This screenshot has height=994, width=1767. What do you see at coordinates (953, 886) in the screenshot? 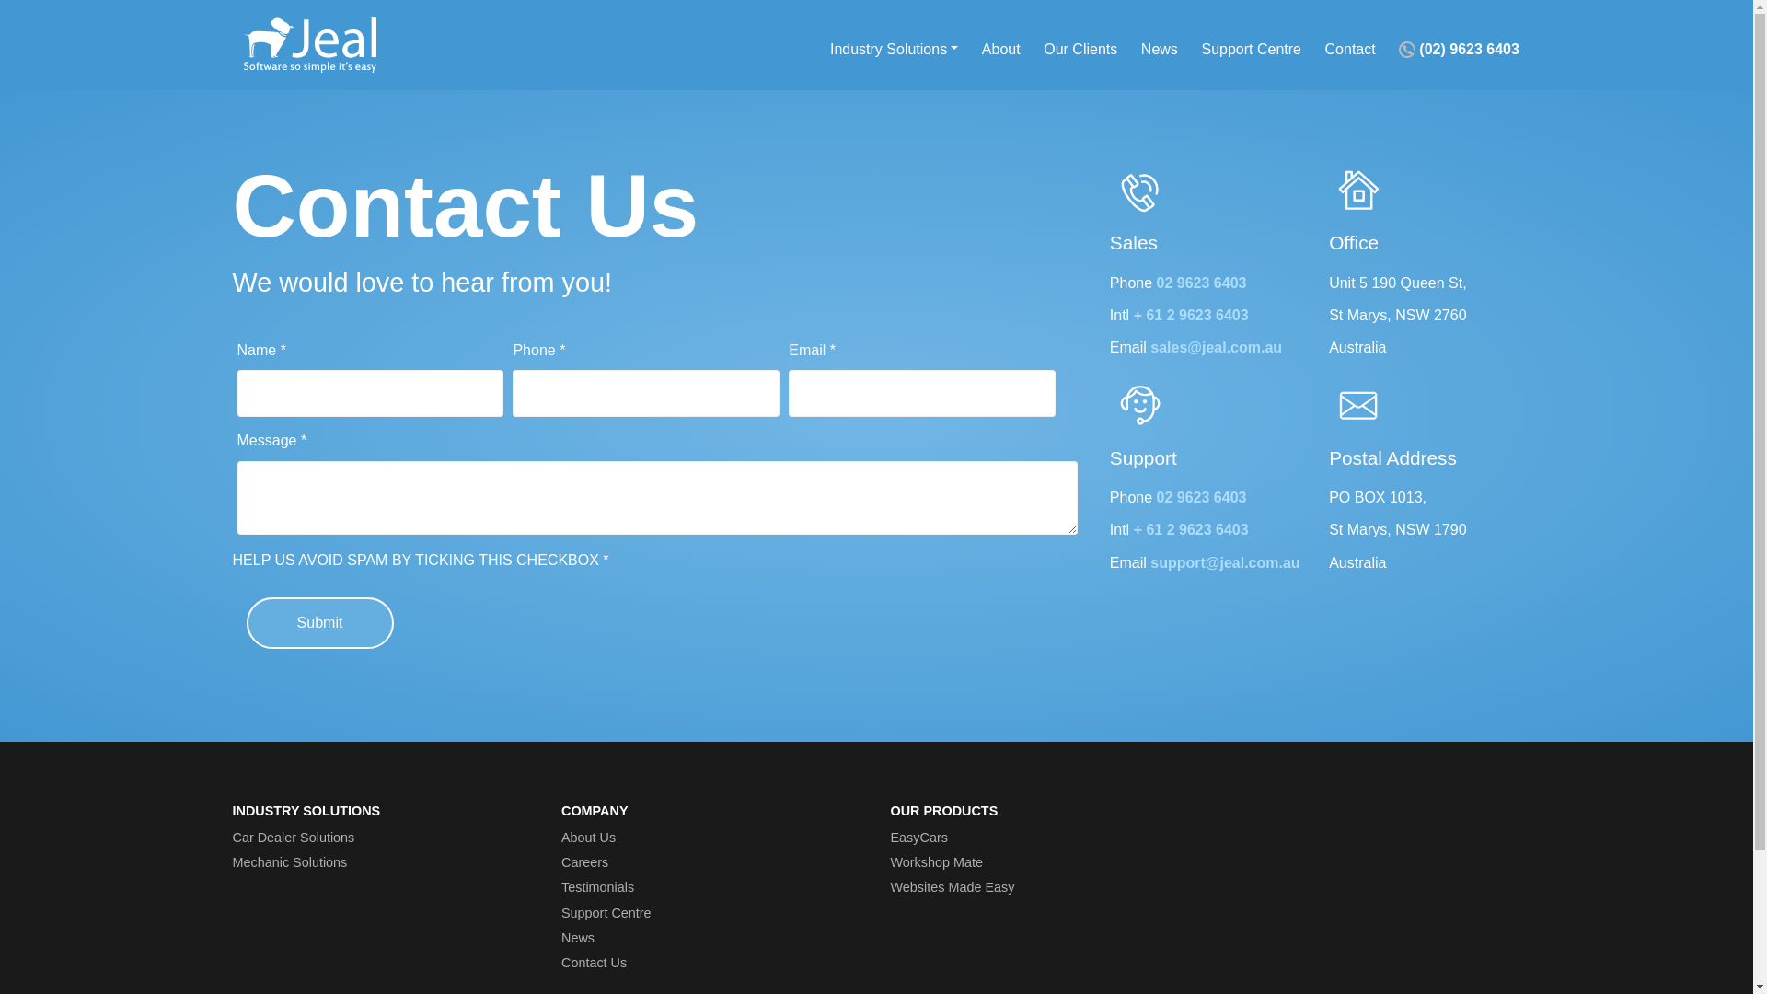
I see `'Websites Made Easy'` at bounding box center [953, 886].